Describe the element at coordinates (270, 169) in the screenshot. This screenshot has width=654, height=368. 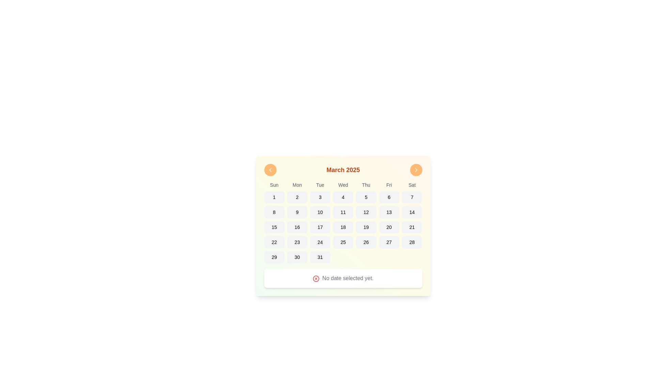
I see `the left-pointing chevron icon located in the top left corner of the calendar interface` at that location.